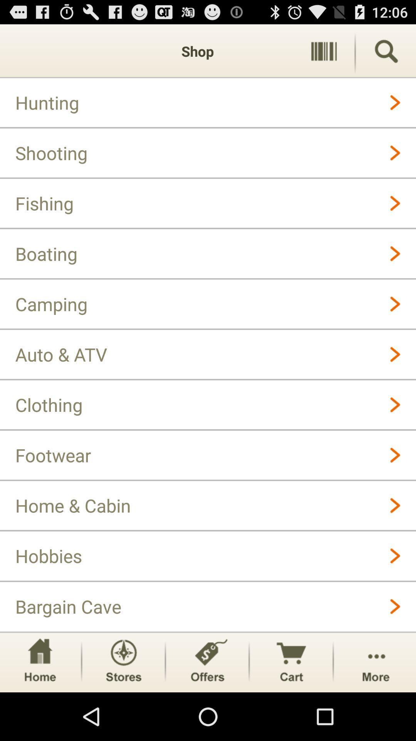 The width and height of the screenshot is (416, 741). I want to click on the stores image option, so click(123, 661).